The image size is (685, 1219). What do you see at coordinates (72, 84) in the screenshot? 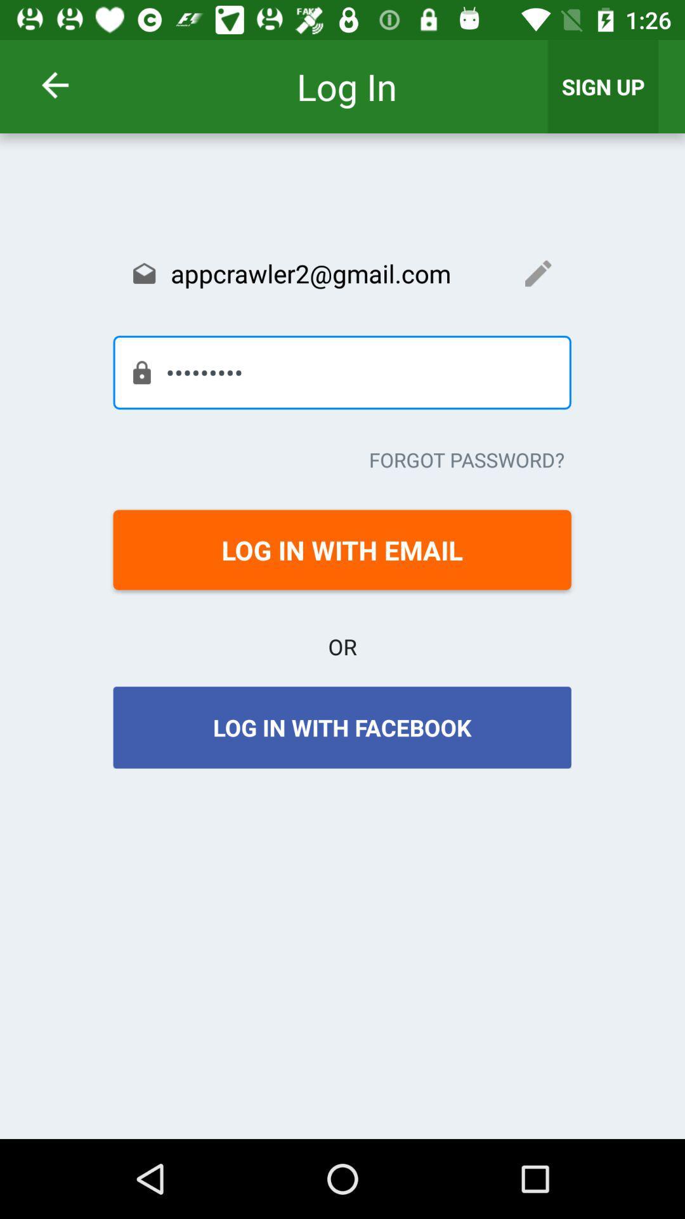
I see `the item at the top left corner` at bounding box center [72, 84].